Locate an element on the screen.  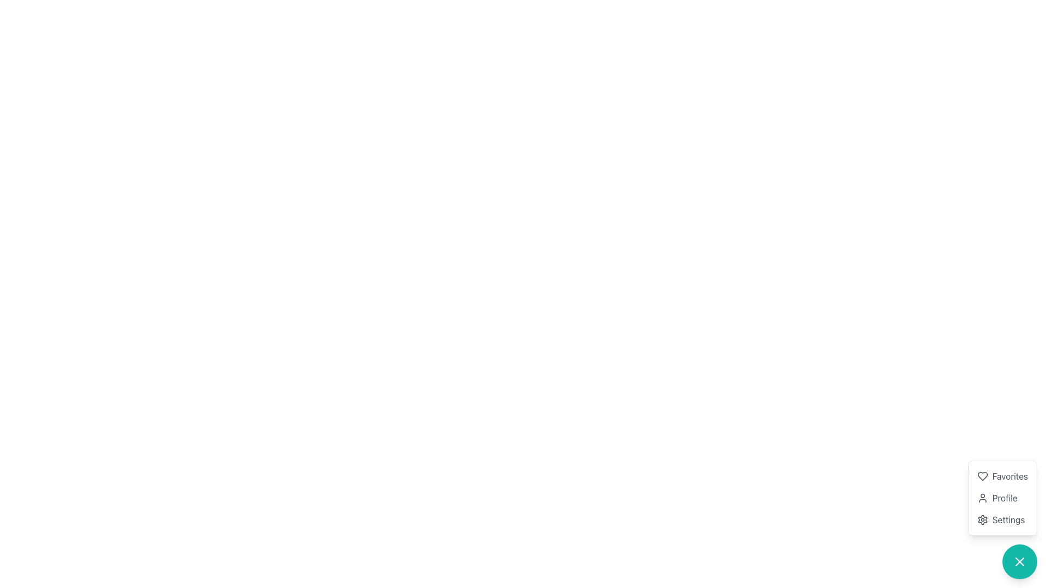
the user icon, which is a minimalistic outline representing a profile symbol, located to the left of the 'Profile' text for additional information is located at coordinates (982, 498).